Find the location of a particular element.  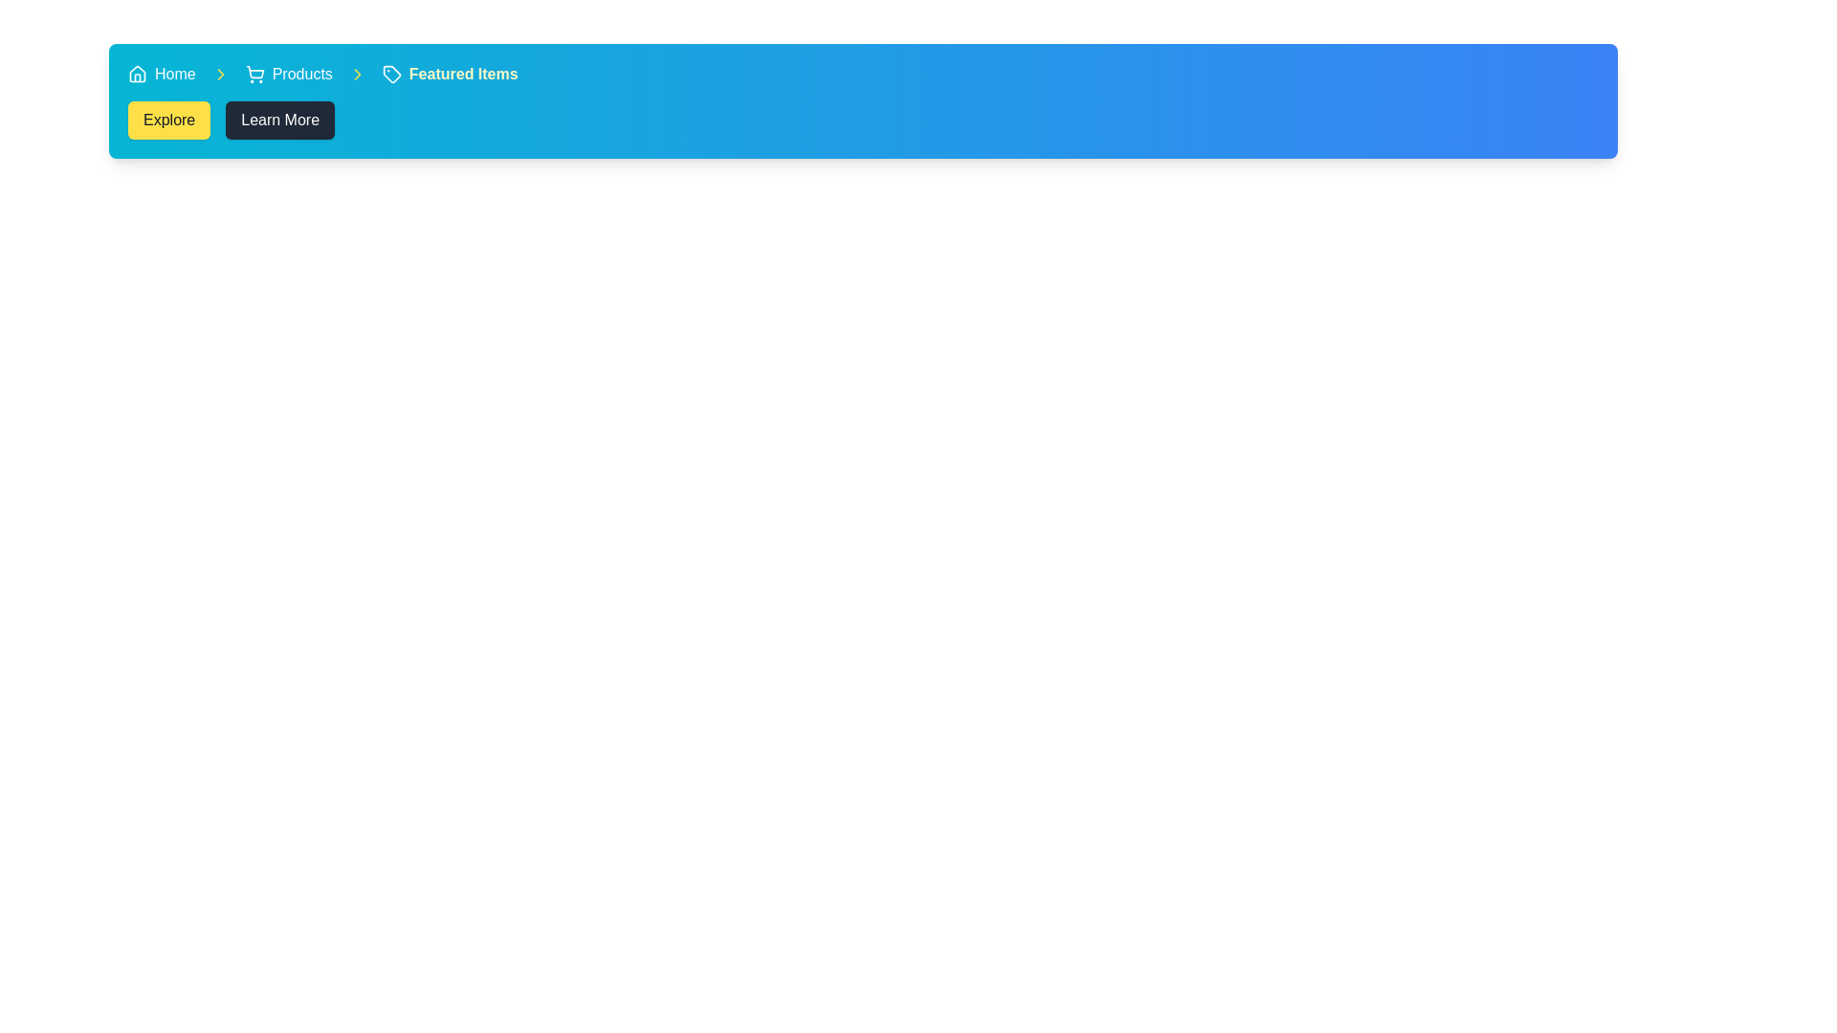

the 'Products' hyperlink located is located at coordinates (301, 73).